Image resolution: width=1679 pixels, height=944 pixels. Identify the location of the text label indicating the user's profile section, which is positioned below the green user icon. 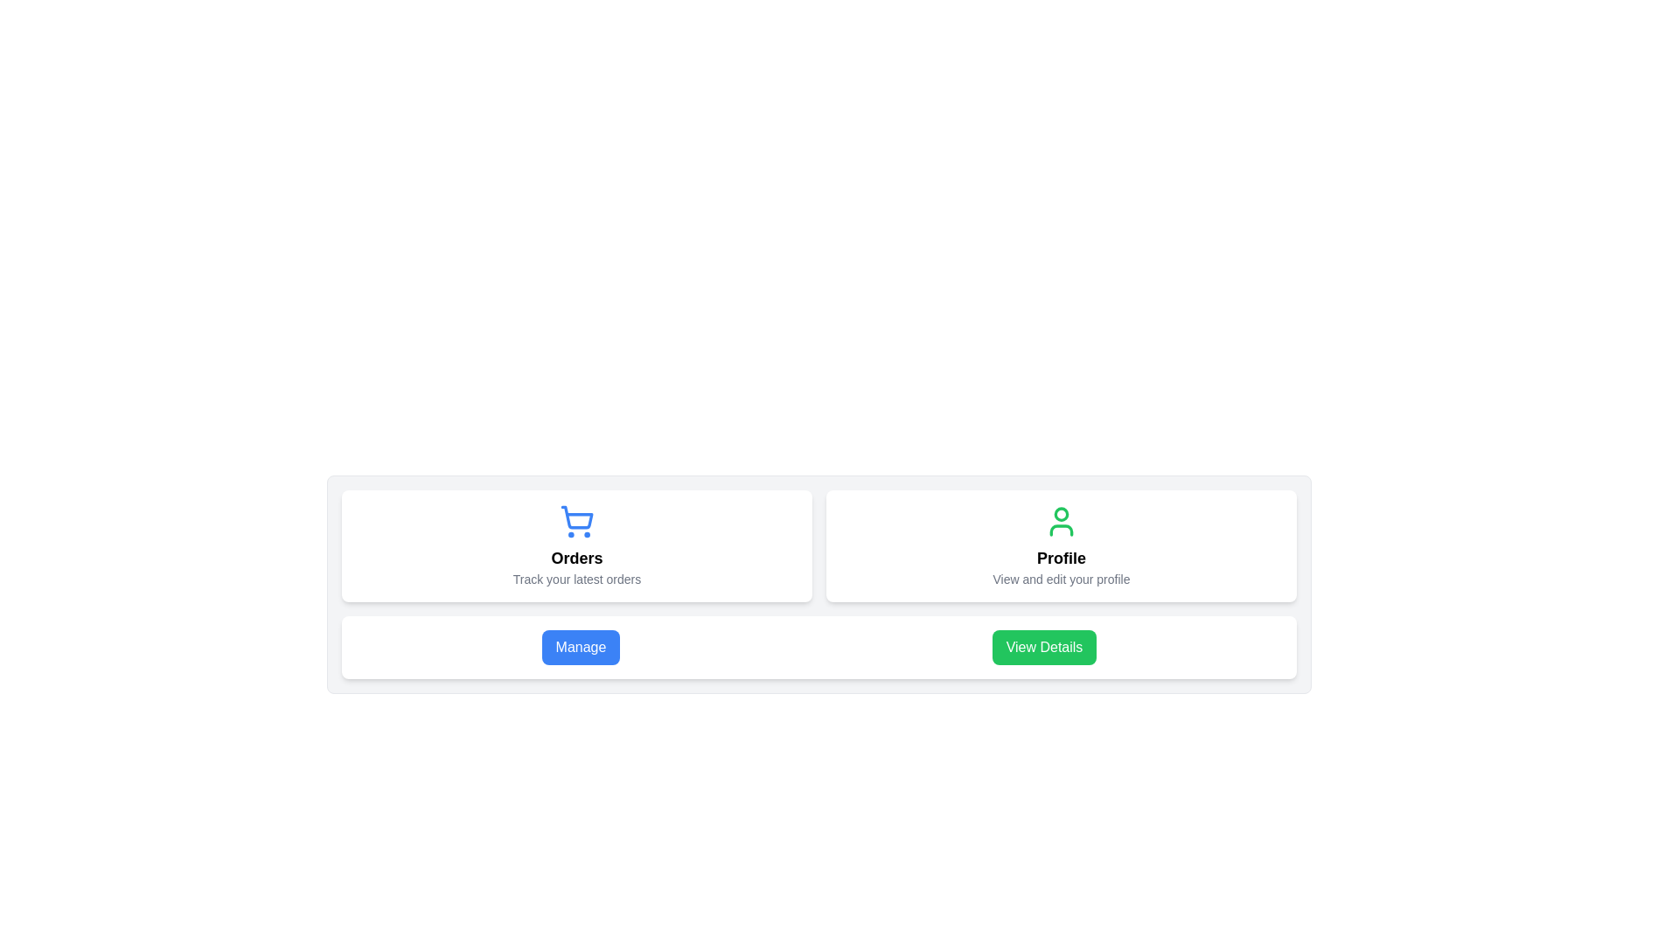
(1061, 559).